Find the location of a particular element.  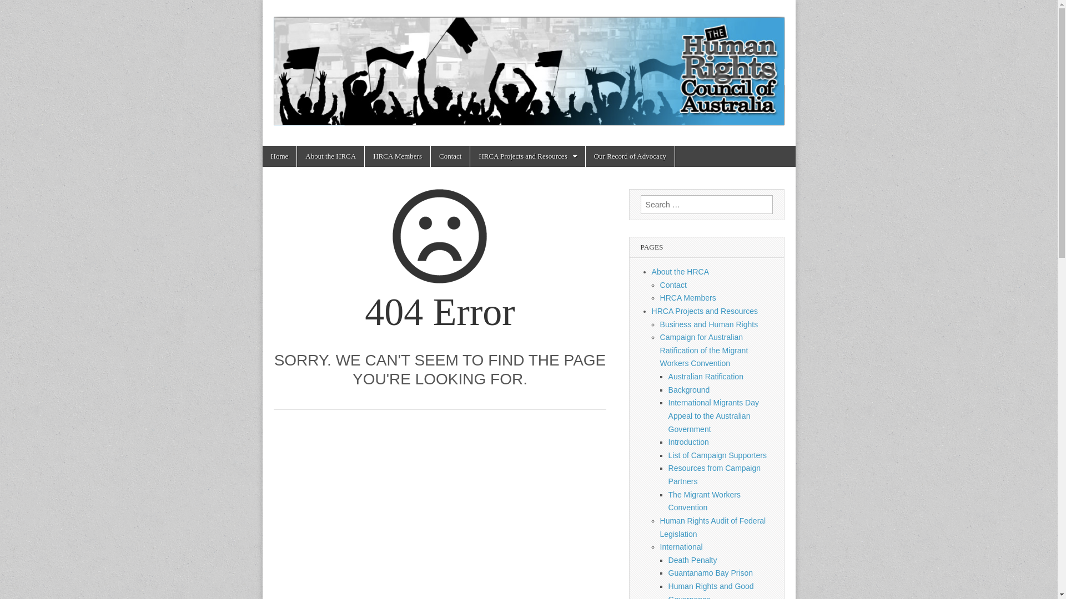

'Resources from Campaign Partners' is located at coordinates (715, 474).